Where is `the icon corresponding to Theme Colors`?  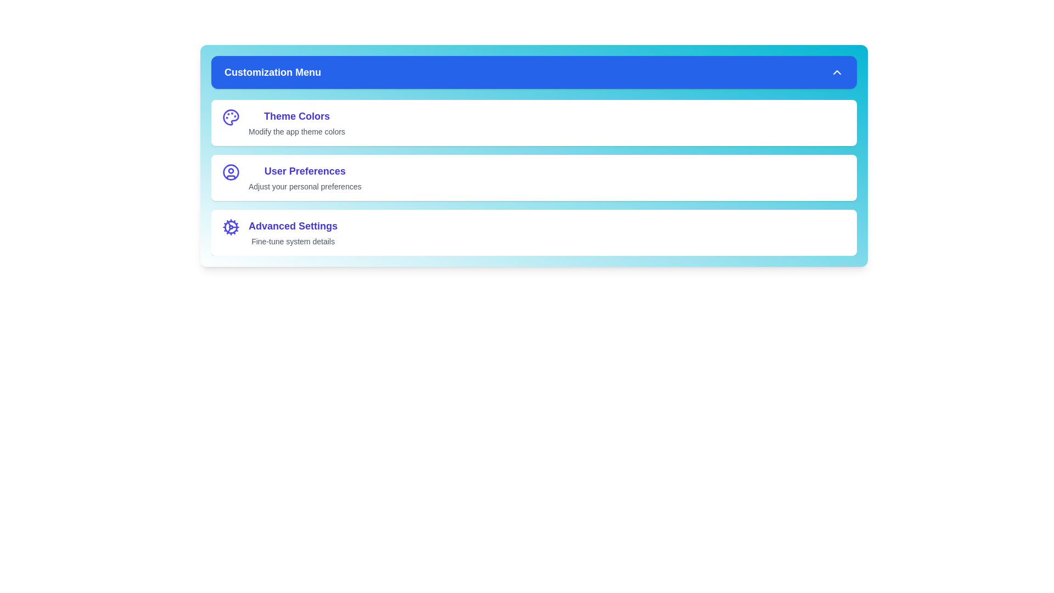
the icon corresponding to Theme Colors is located at coordinates (231, 117).